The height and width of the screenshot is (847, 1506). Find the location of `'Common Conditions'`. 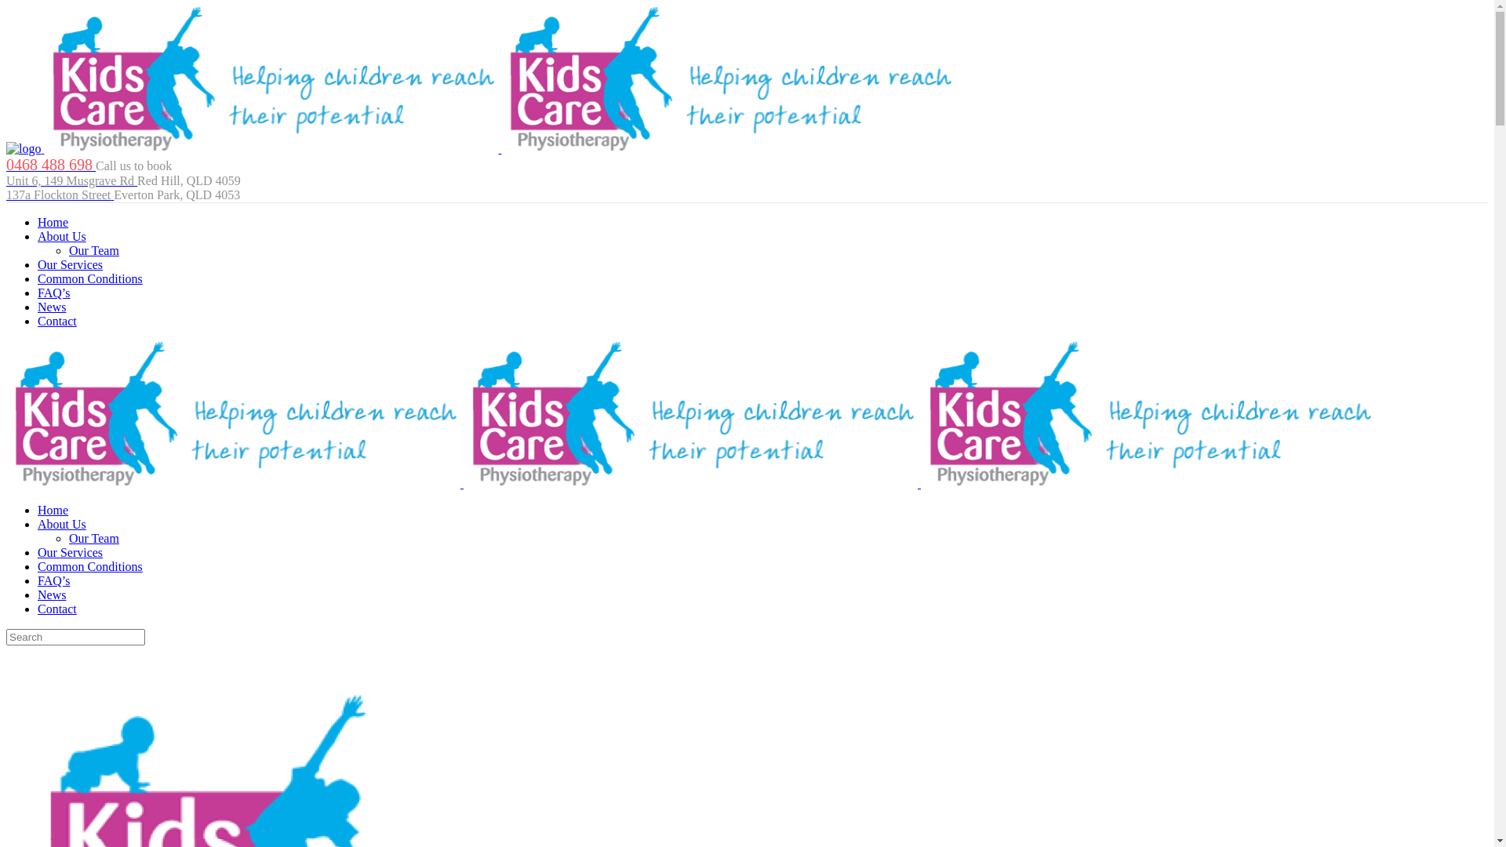

'Common Conditions' is located at coordinates (89, 566).